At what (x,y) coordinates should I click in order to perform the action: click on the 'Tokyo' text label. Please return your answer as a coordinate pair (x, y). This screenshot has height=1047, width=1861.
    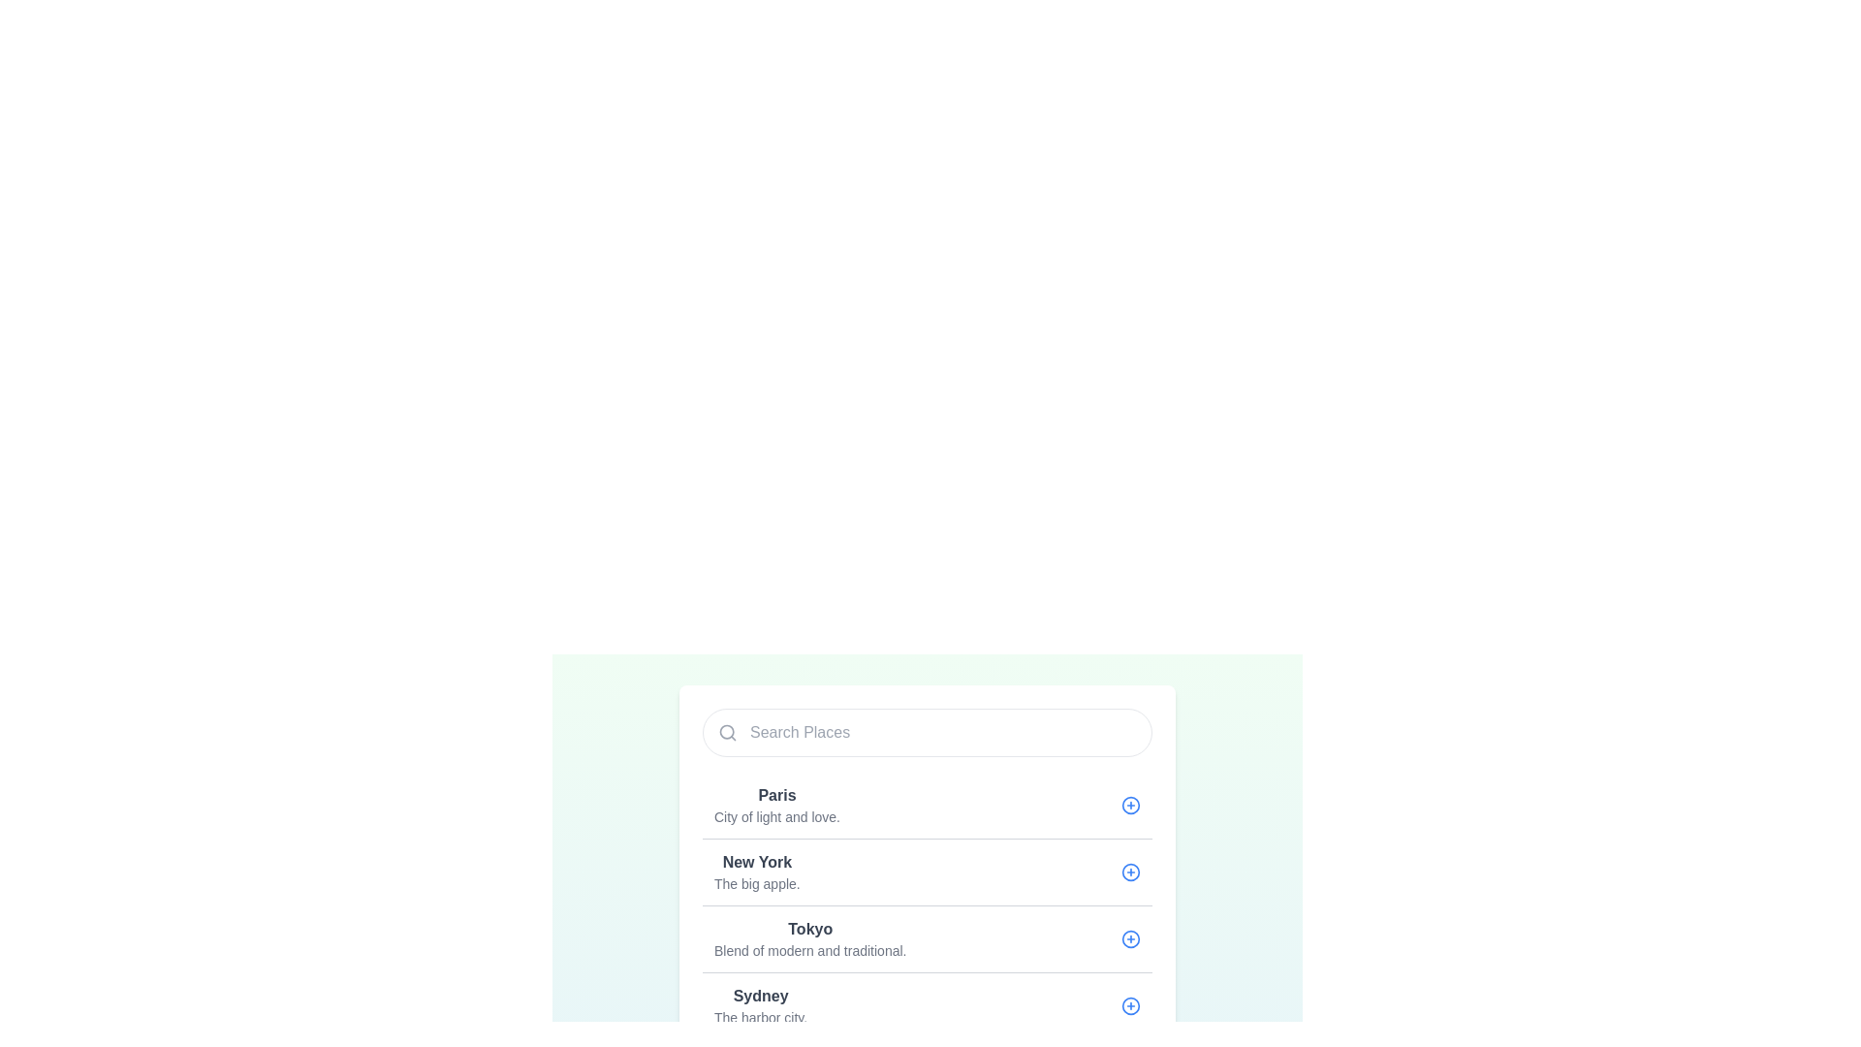
    Looking at the image, I should click on (809, 929).